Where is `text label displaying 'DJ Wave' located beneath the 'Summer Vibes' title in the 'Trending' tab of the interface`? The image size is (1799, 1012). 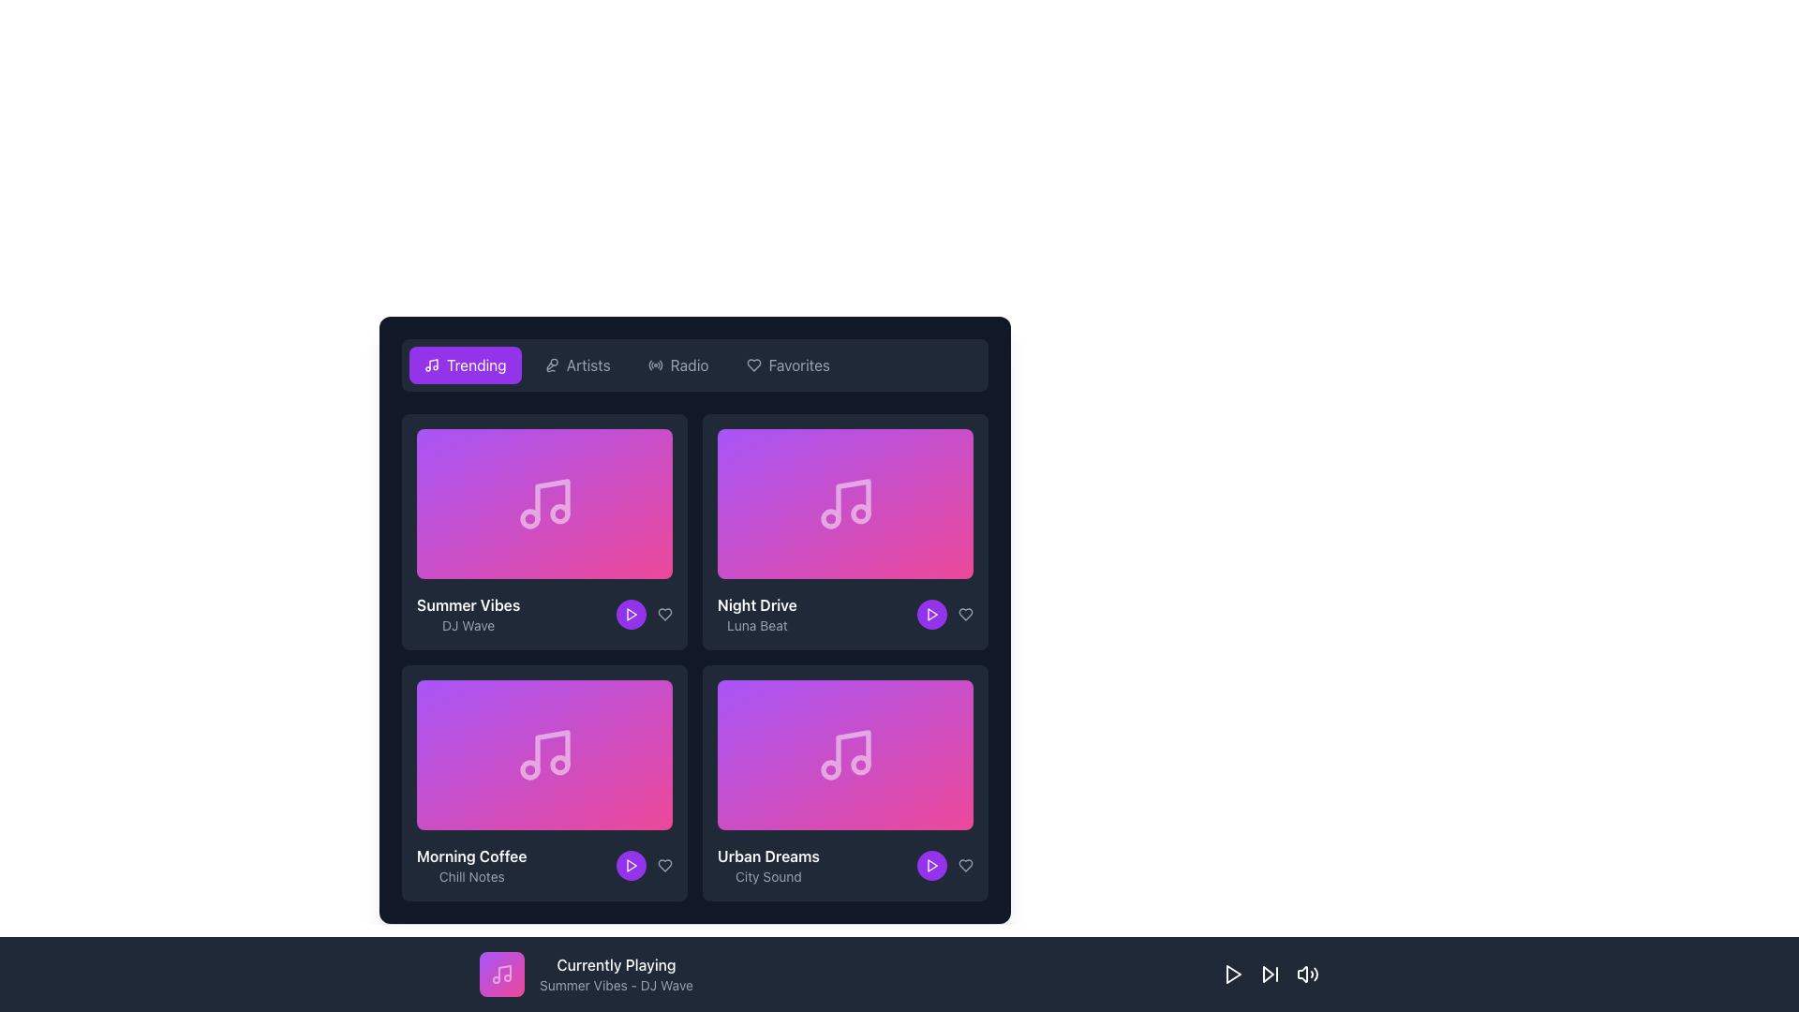 text label displaying 'DJ Wave' located beneath the 'Summer Vibes' title in the 'Trending' tab of the interface is located at coordinates (468, 625).